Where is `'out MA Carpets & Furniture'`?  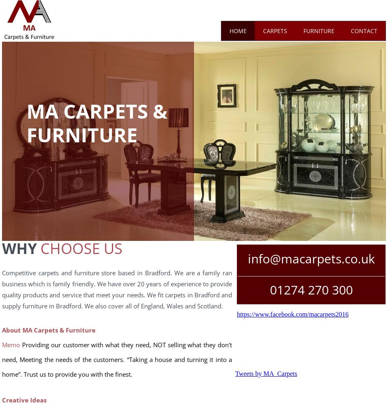
'out MA Carpets & Furniture' is located at coordinates (53, 330).